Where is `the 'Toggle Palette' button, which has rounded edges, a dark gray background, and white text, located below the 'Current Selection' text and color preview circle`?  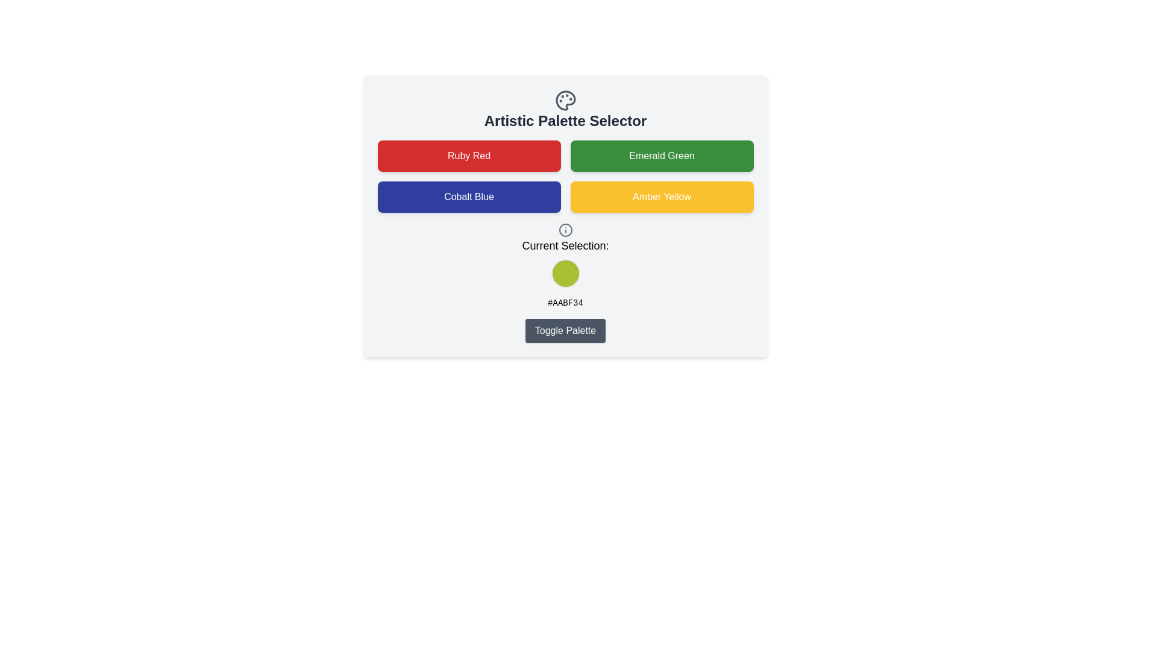
the 'Toggle Palette' button, which has rounded edges, a dark gray background, and white text, located below the 'Current Selection' text and color preview circle is located at coordinates (565, 330).